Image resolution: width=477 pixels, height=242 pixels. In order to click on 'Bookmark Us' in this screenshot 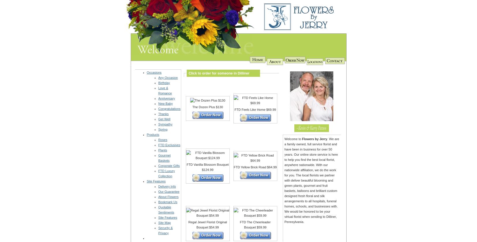, I will do `click(167, 202)`.